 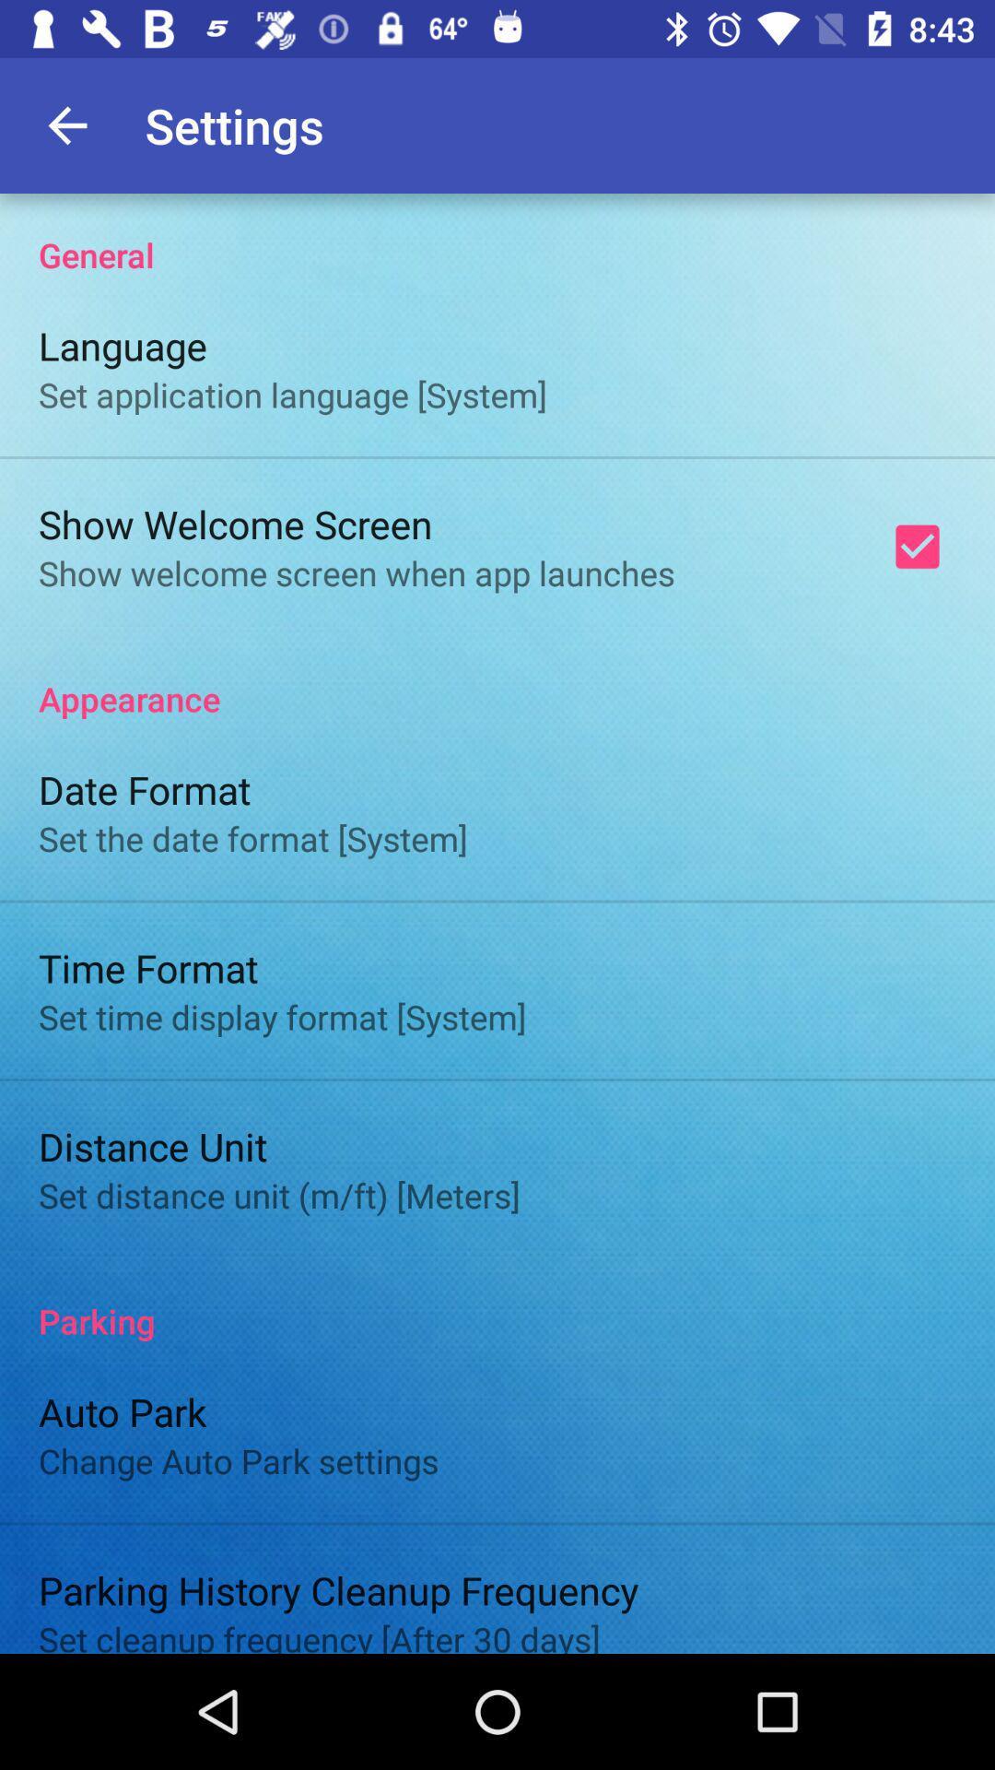 What do you see at coordinates (291, 394) in the screenshot?
I see `set application language` at bounding box center [291, 394].